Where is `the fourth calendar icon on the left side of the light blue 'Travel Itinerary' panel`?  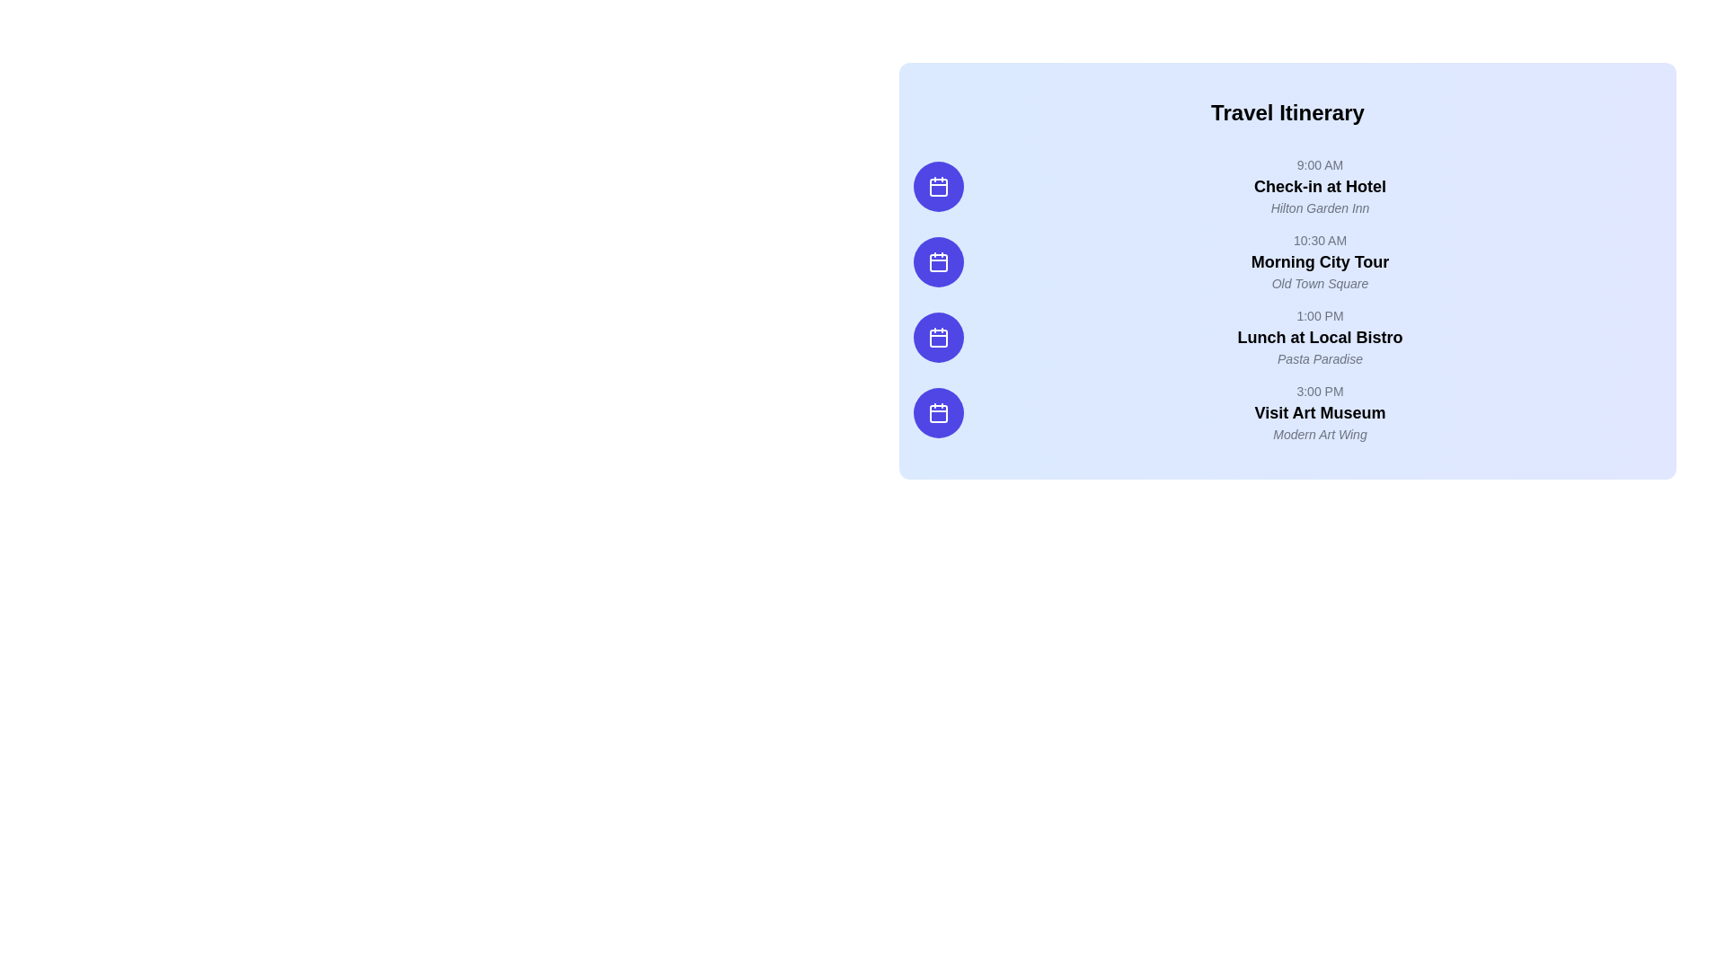 the fourth calendar icon on the left side of the light blue 'Travel Itinerary' panel is located at coordinates (938, 412).